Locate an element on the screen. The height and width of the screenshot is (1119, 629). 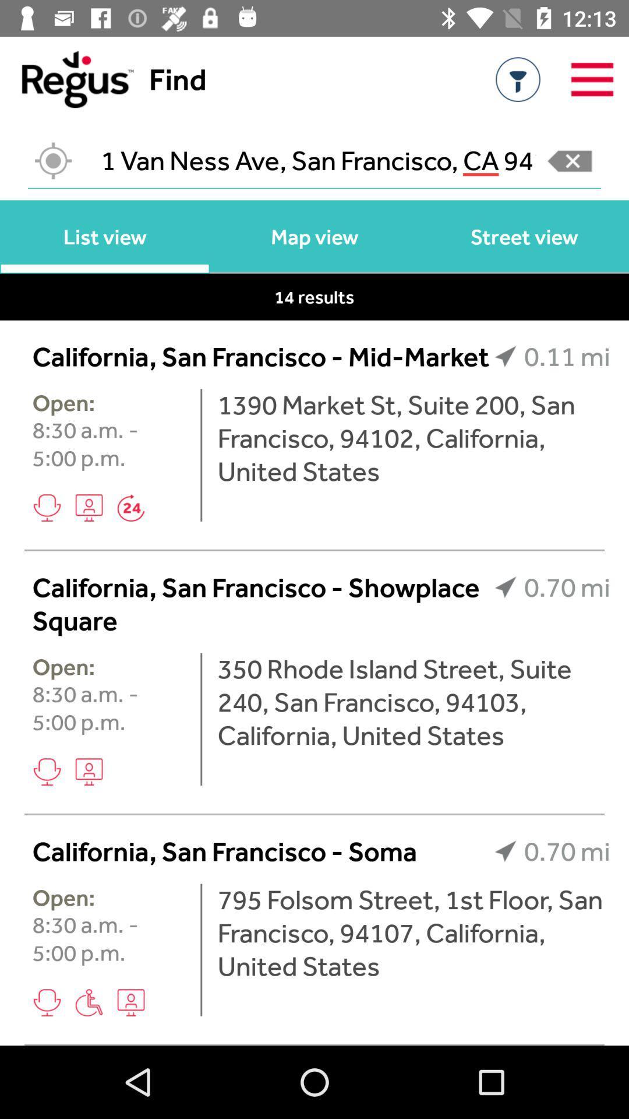
1 van ness is located at coordinates (314, 160).